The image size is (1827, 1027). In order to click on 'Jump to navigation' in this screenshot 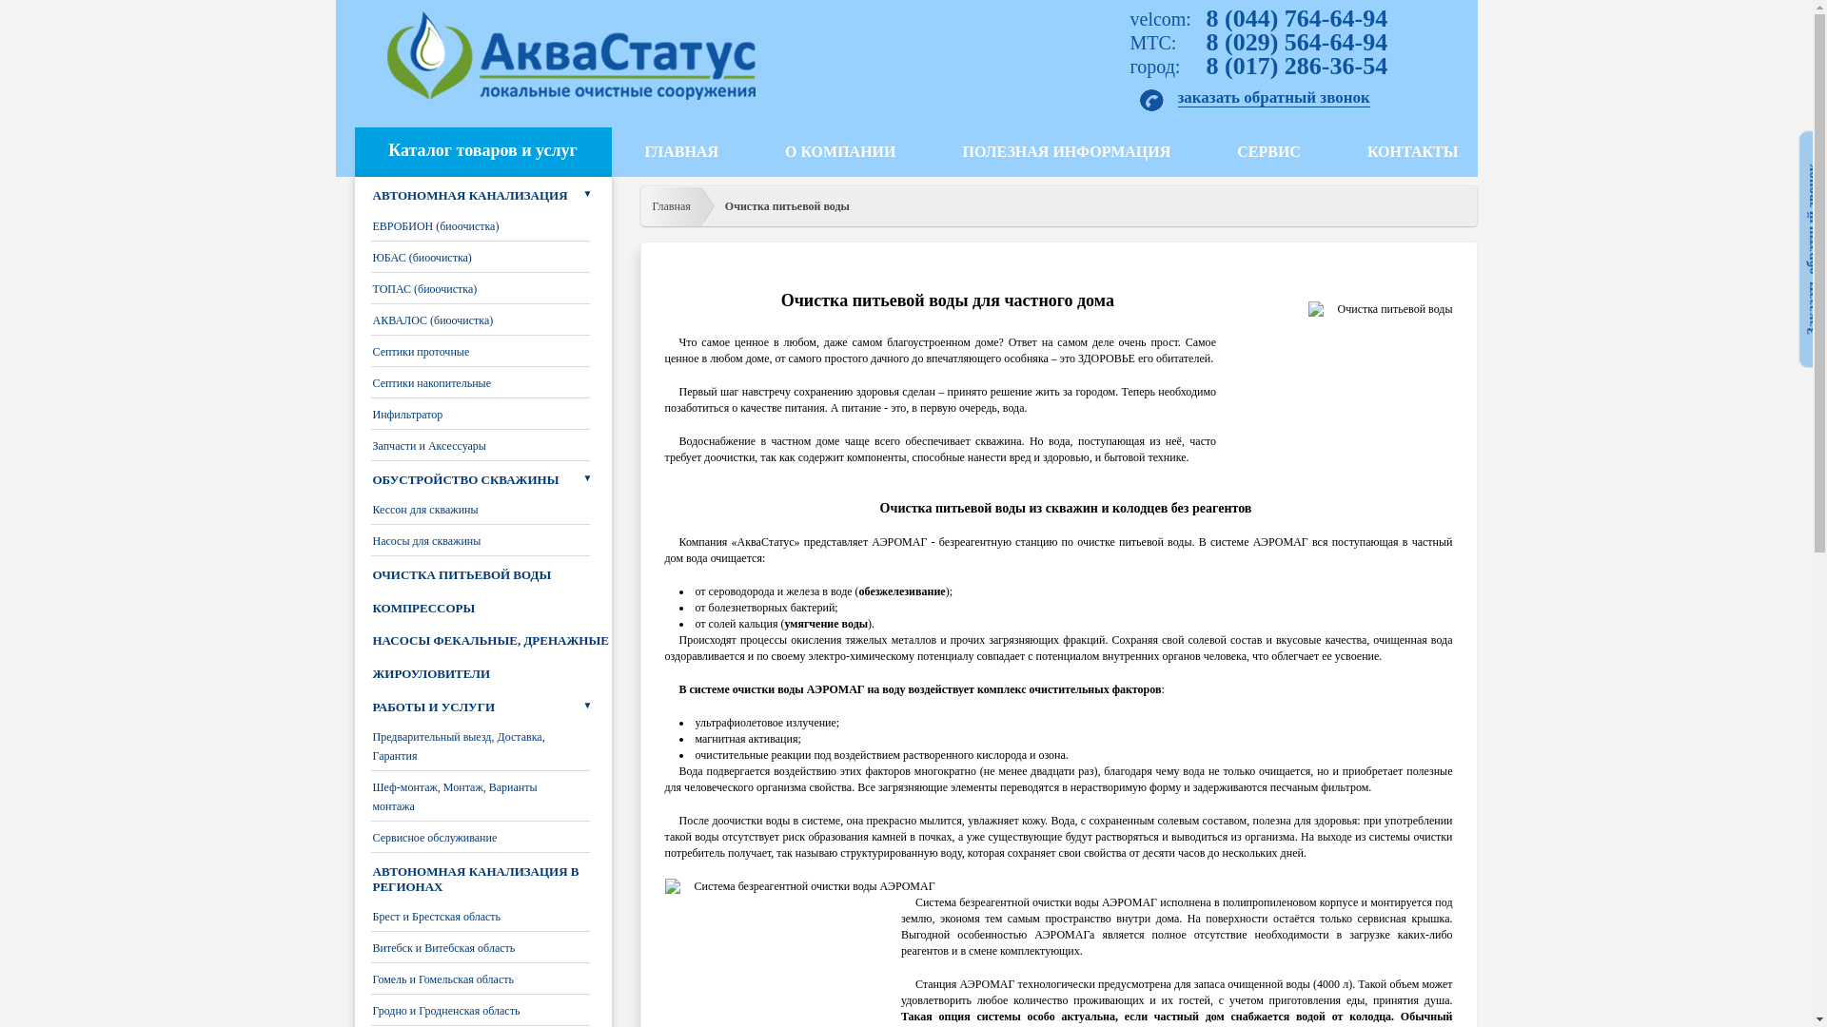, I will do `click(905, 3)`.